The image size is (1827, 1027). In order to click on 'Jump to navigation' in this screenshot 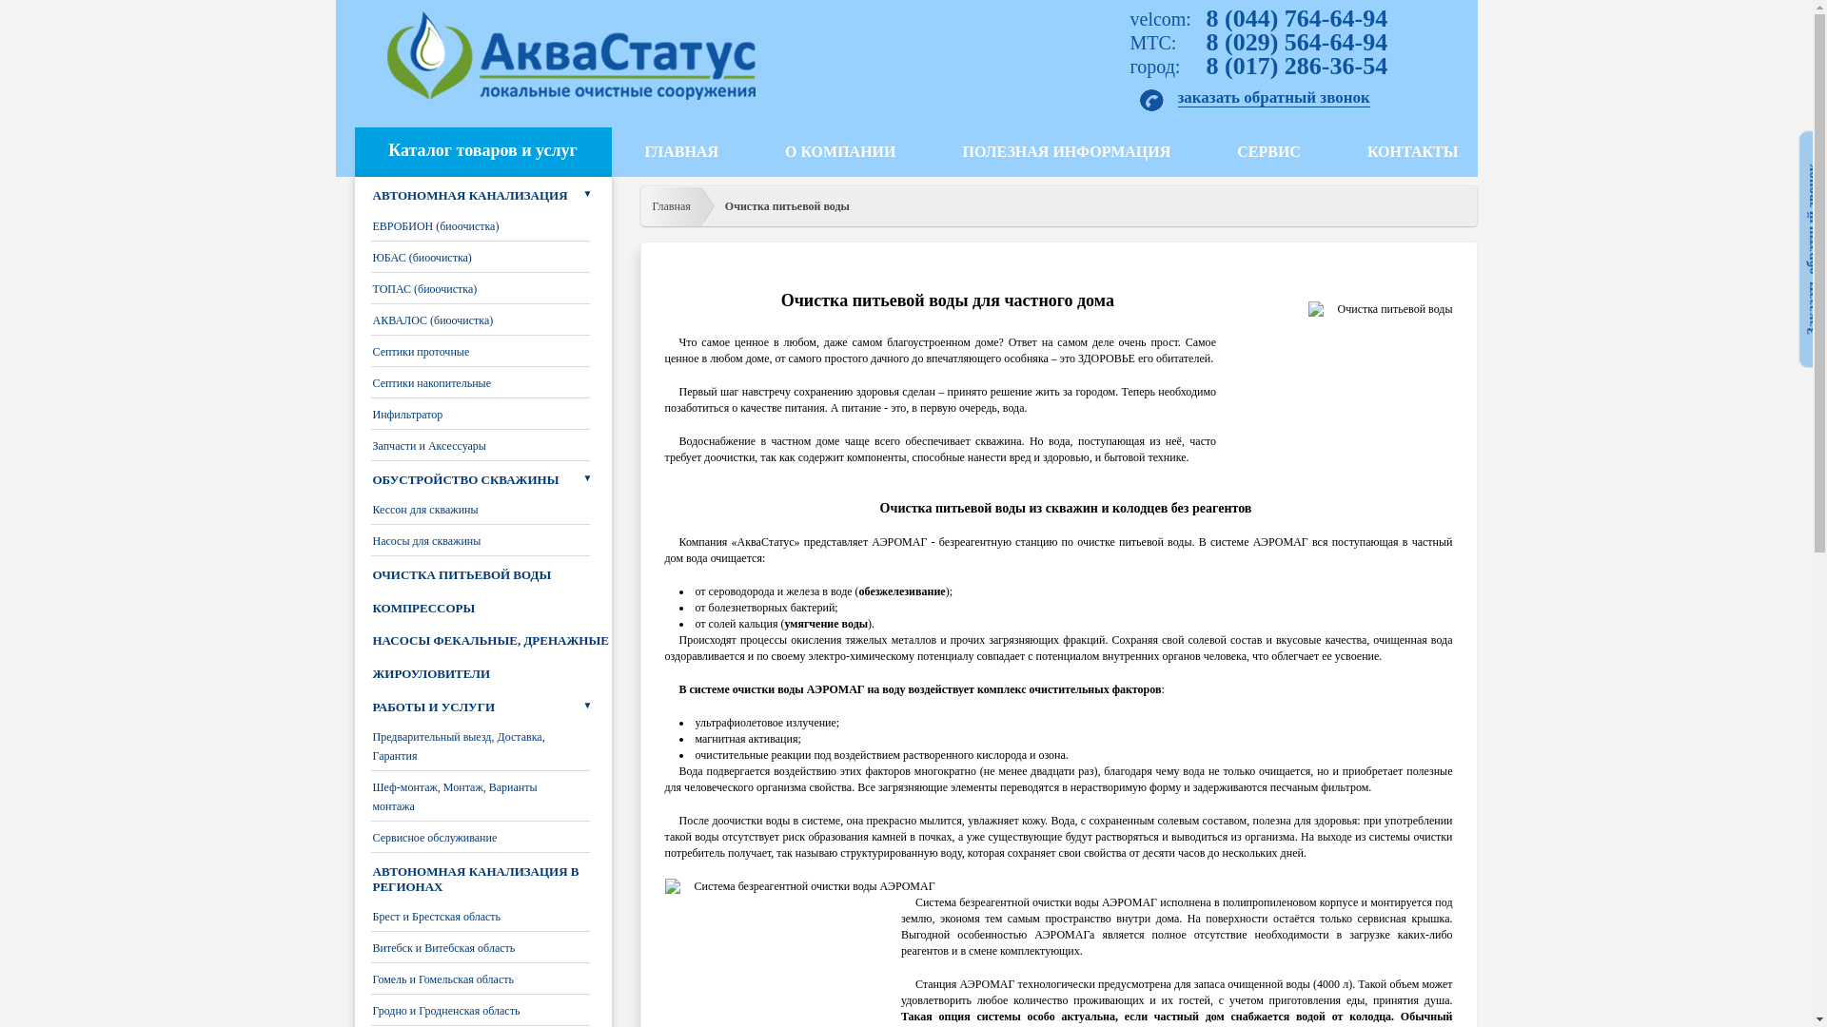, I will do `click(905, 3)`.